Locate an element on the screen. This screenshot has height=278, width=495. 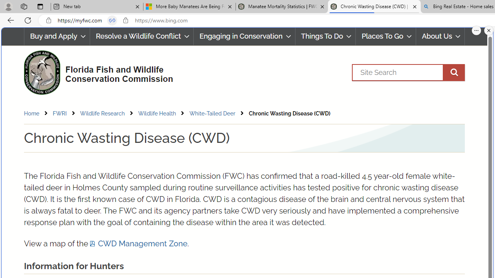
'FWRI' is located at coordinates (65, 113).